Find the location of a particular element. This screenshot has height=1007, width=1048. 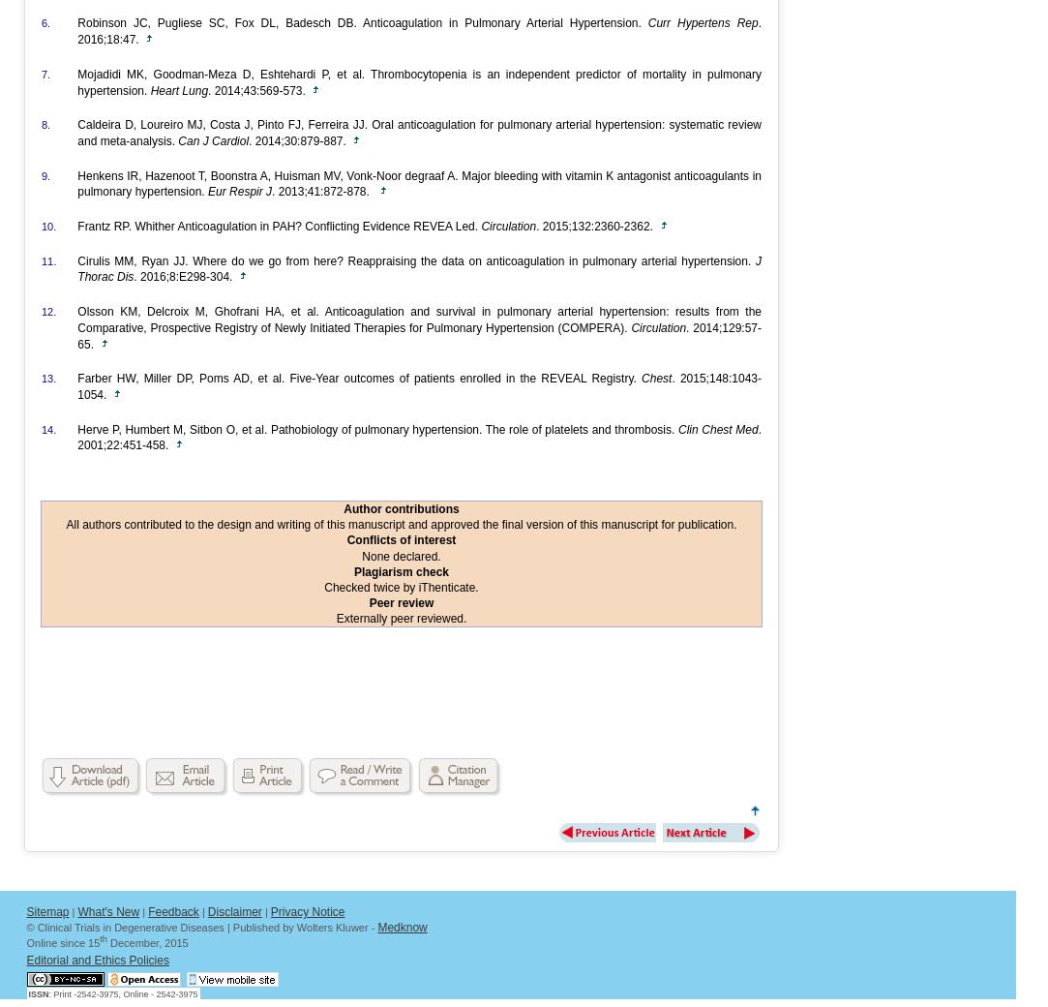

'Frantz RP. Whither Anticoagulation in PAH? Conflicting Evidence REVEA Led.' is located at coordinates (279, 225).